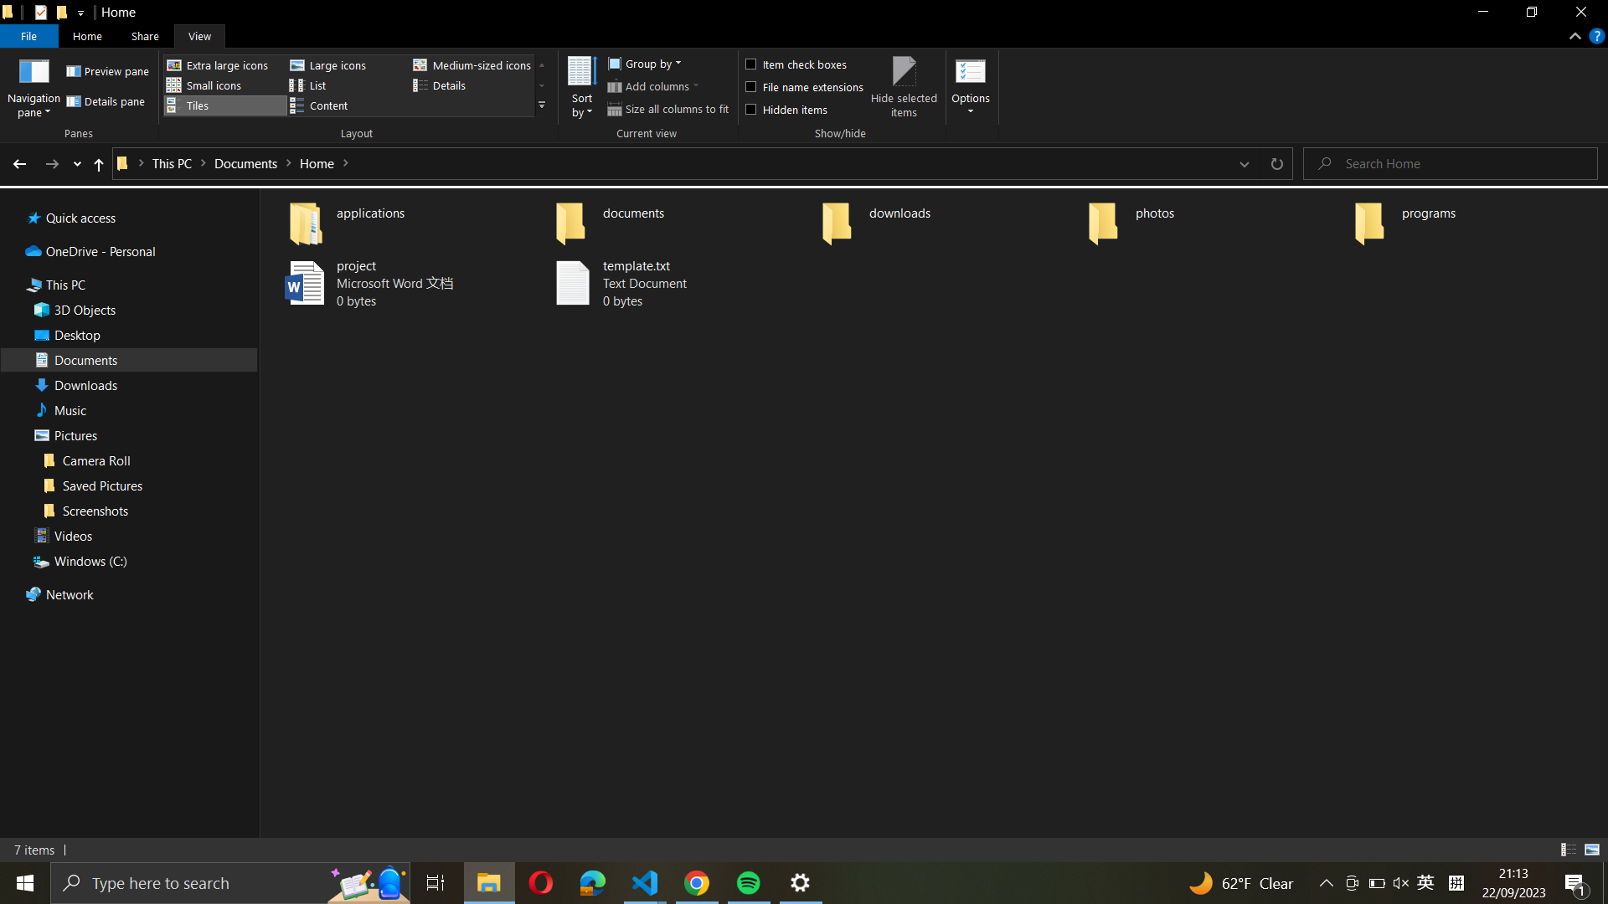 The width and height of the screenshot is (1608, 904). I want to click on Rename the file "project.docx" to "final_project.docx, so click(399, 283).